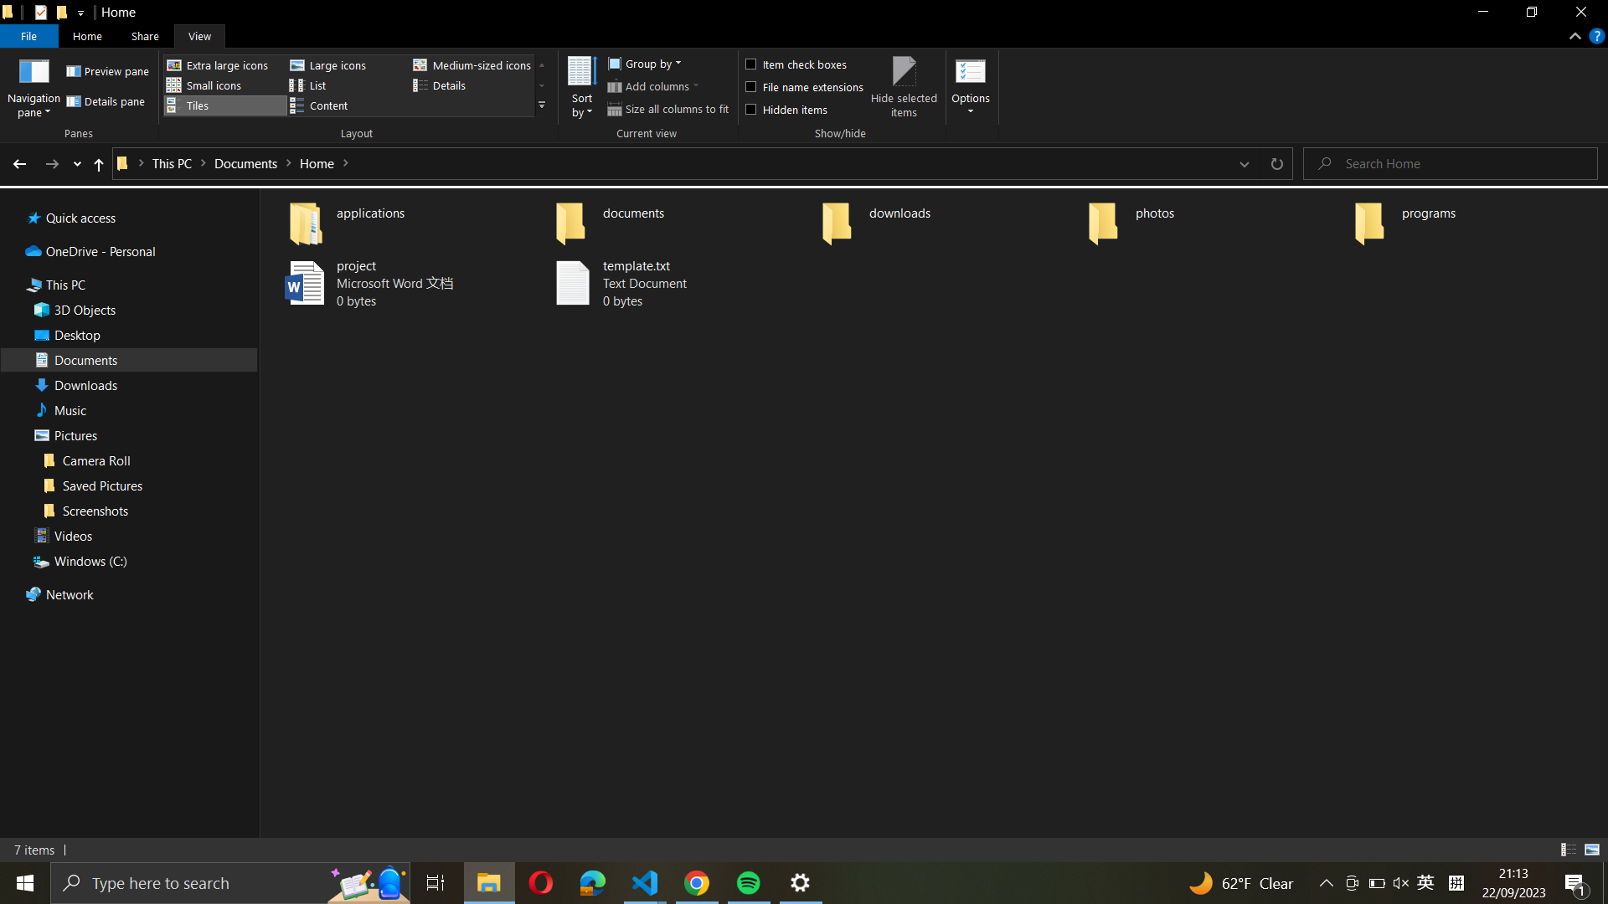 The width and height of the screenshot is (1608, 904). I want to click on Rename the file "project.docx" to "final_project.docx, so click(399, 283).